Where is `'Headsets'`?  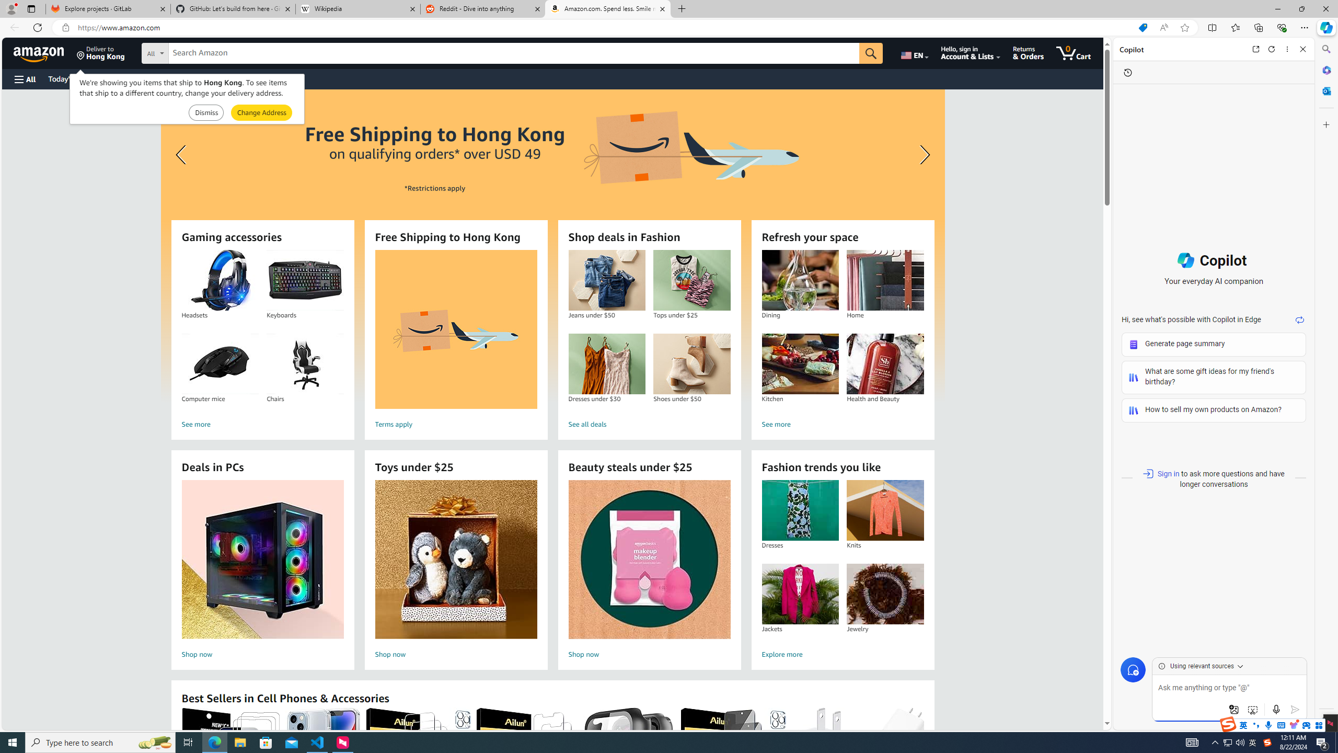 'Headsets' is located at coordinates (220, 280).